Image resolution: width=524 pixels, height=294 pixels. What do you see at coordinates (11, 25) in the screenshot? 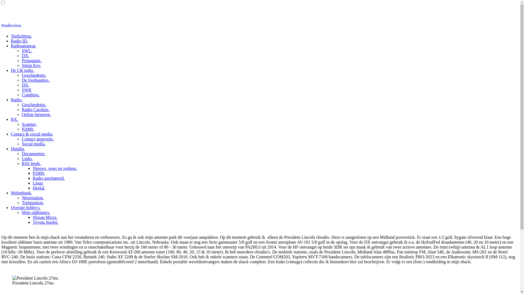
I see `'#radiovirus'` at bounding box center [11, 25].